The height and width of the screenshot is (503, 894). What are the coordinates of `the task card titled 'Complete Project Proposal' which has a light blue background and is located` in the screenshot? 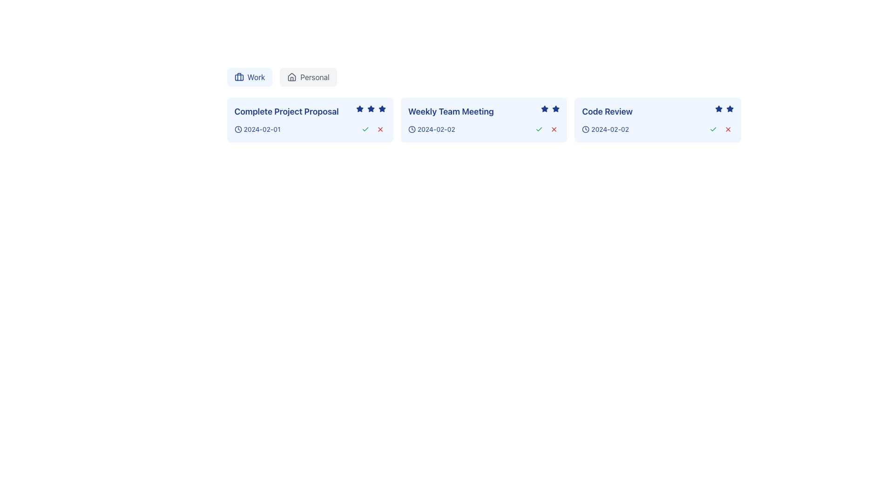 It's located at (310, 120).